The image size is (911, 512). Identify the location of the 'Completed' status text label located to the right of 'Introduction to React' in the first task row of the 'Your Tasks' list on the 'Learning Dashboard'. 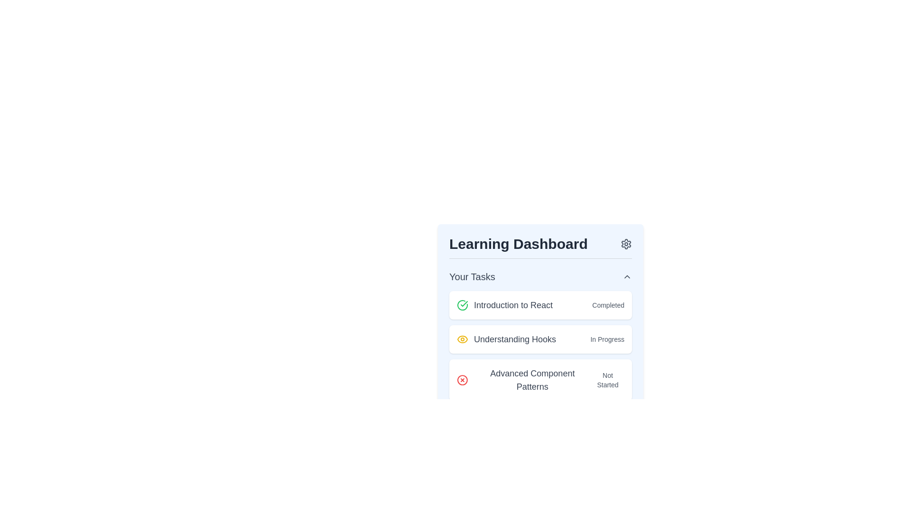
(608, 305).